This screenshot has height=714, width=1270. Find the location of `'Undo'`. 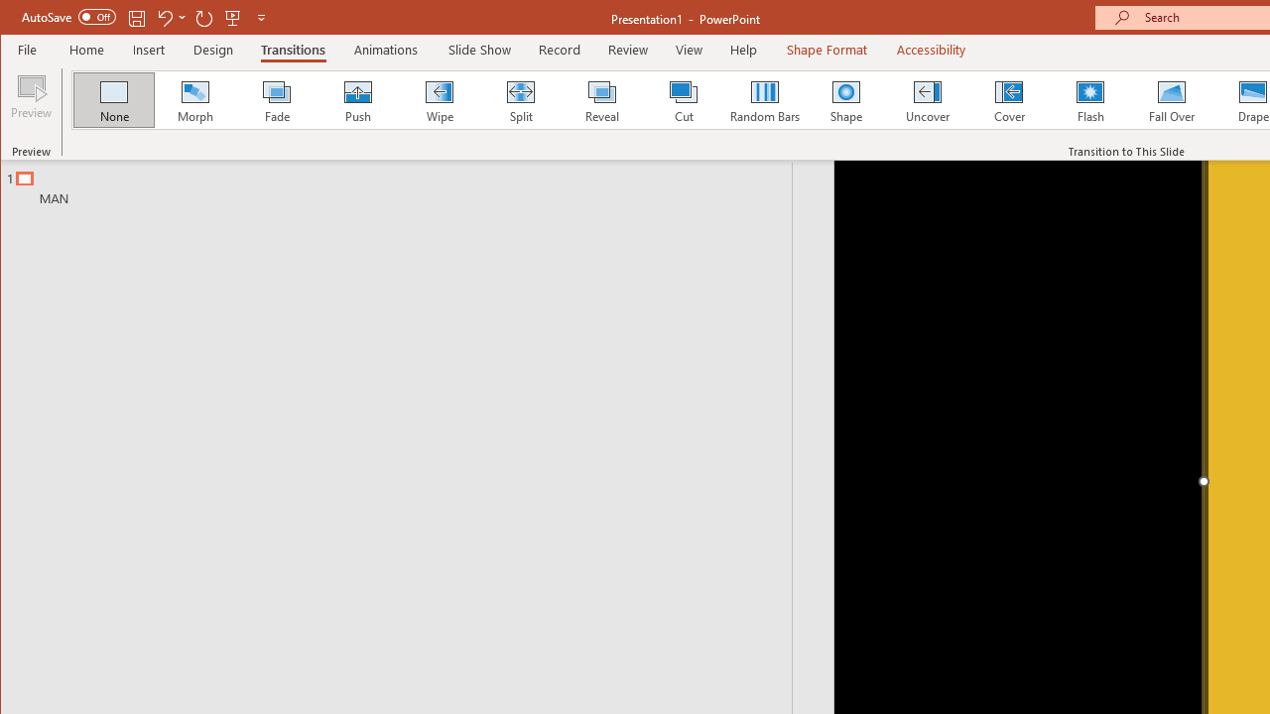

'Undo' is located at coordinates (164, 17).